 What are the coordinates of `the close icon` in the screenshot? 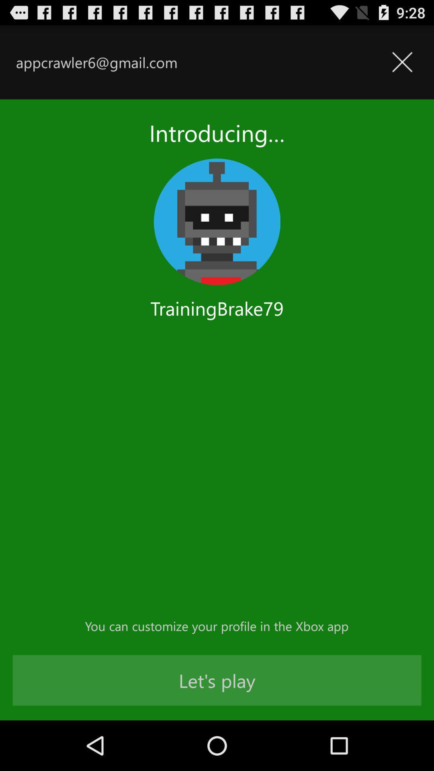 It's located at (402, 67).